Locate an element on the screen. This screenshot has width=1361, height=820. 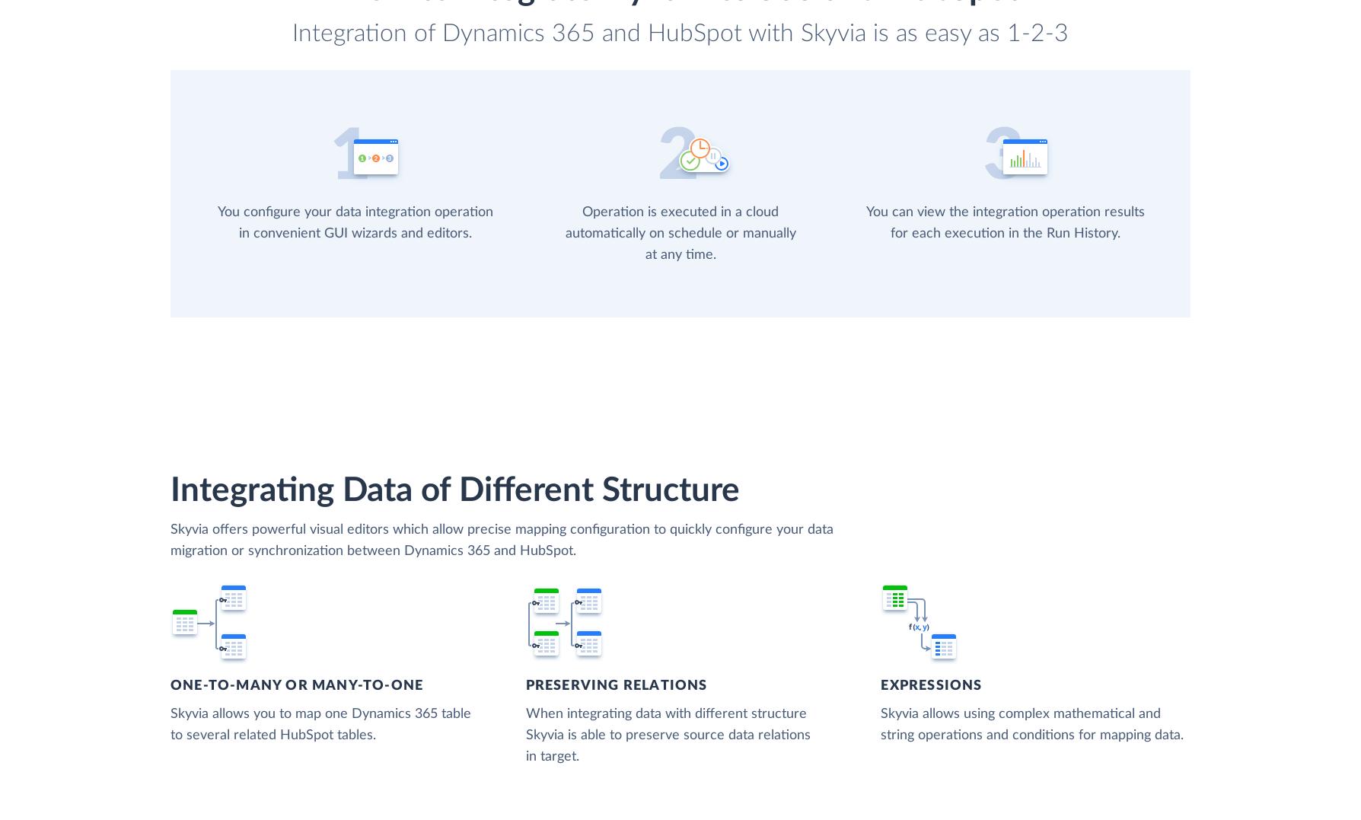
'Integrating Data of Different Structure' is located at coordinates (455, 490).